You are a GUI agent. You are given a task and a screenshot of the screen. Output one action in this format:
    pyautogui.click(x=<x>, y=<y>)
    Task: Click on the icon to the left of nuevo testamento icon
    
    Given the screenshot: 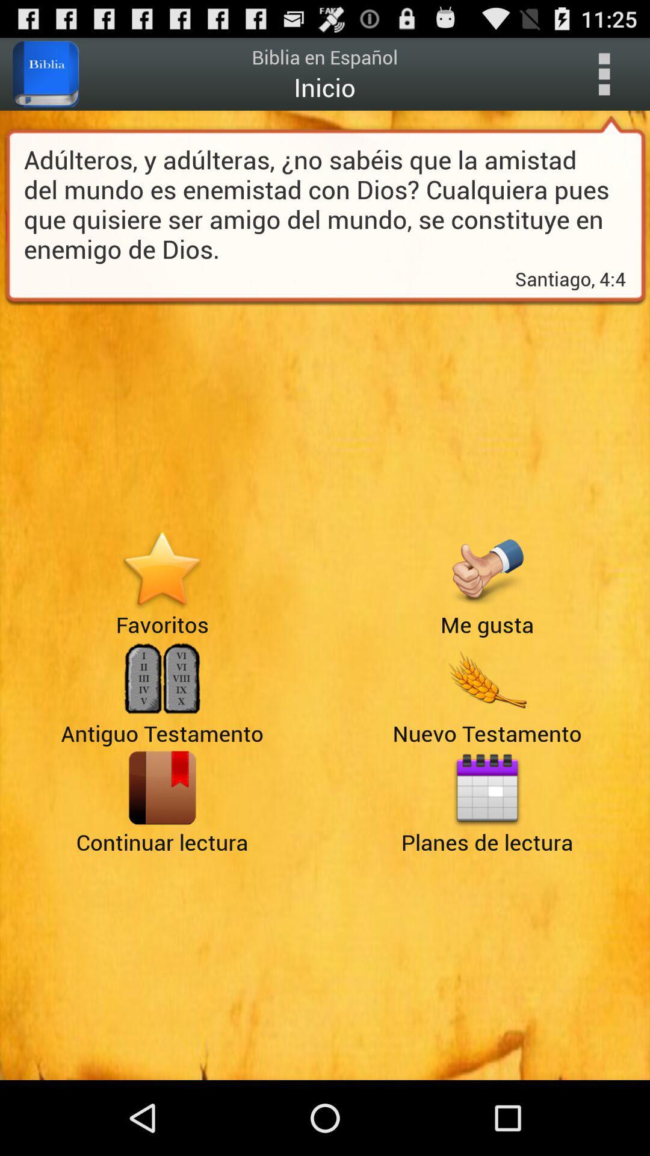 What is the action you would take?
    pyautogui.click(x=161, y=788)
    